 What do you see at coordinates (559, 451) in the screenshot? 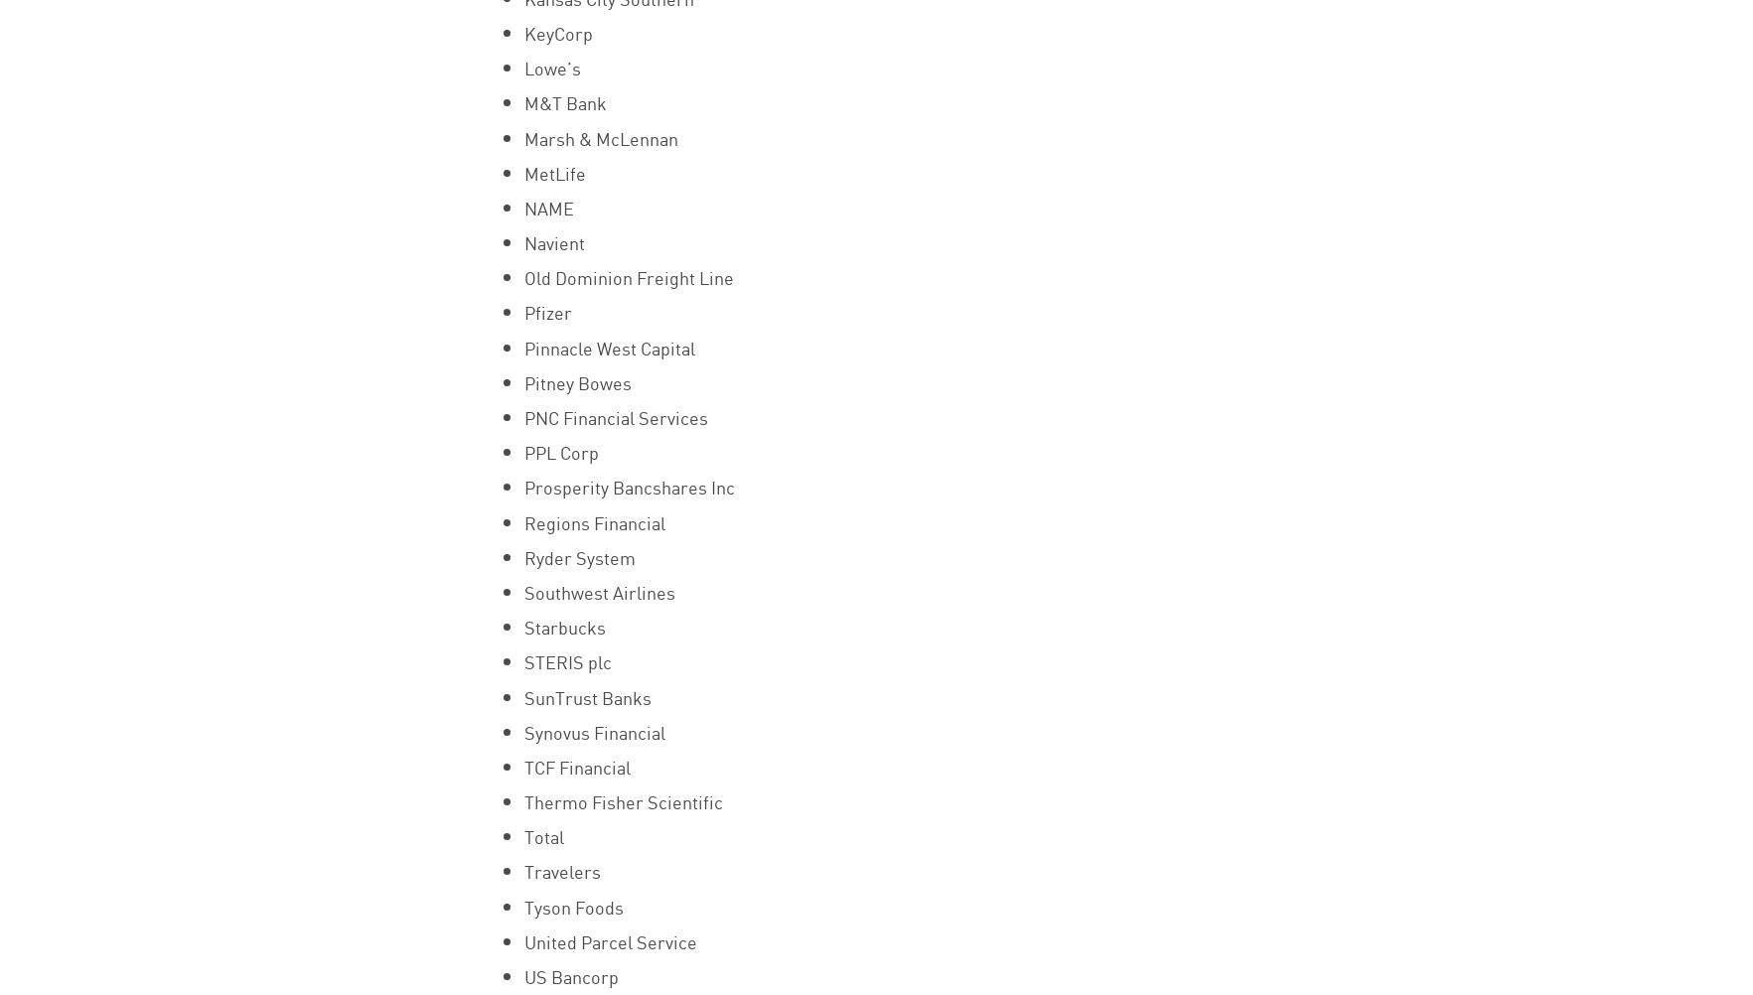
I see `'PPL Corp'` at bounding box center [559, 451].